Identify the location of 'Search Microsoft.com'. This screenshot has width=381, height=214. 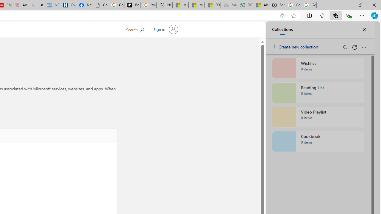
(135, 29).